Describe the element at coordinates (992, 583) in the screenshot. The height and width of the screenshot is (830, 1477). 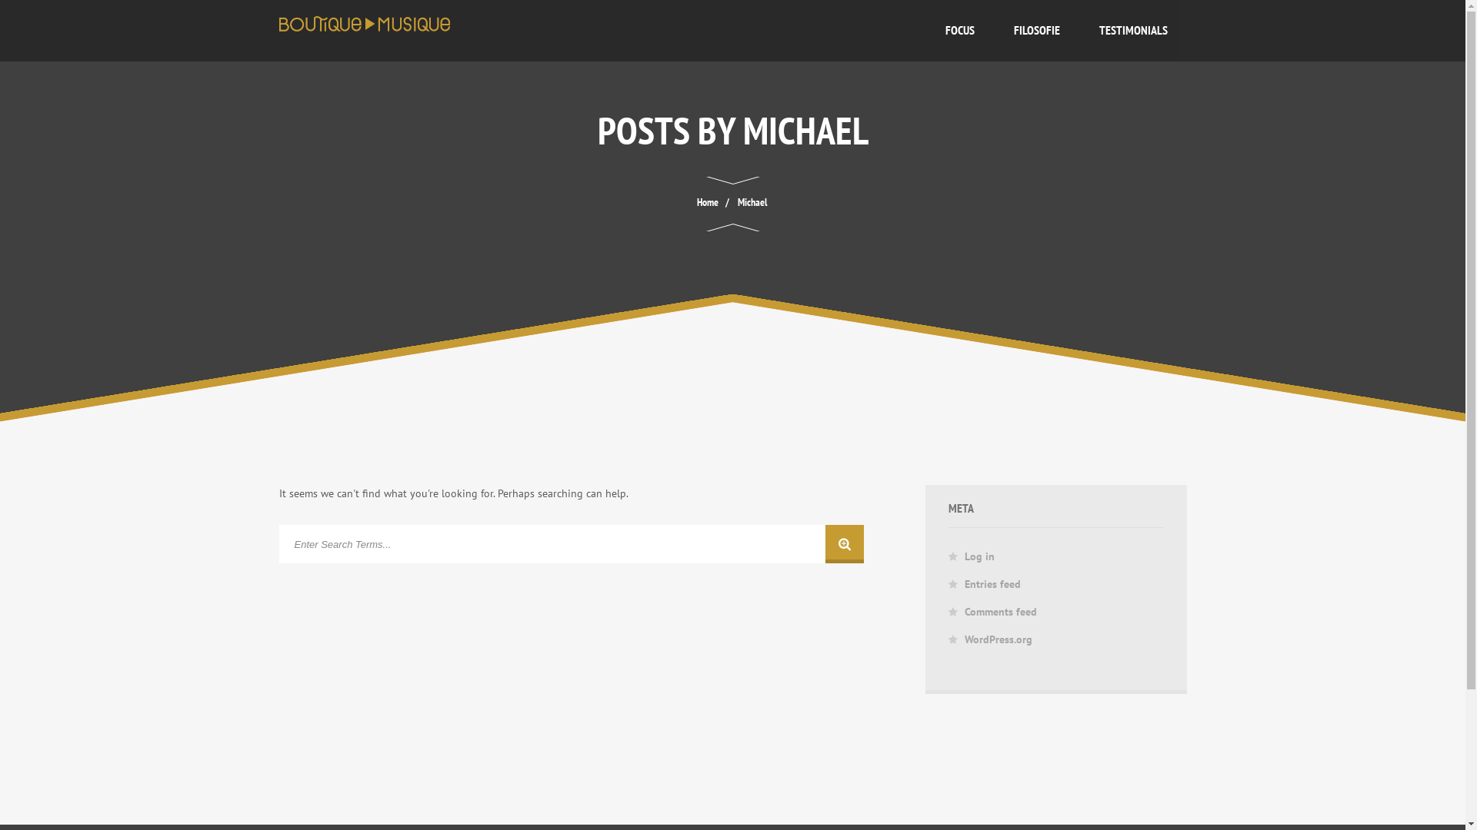
I see `'Entries feed'` at that location.